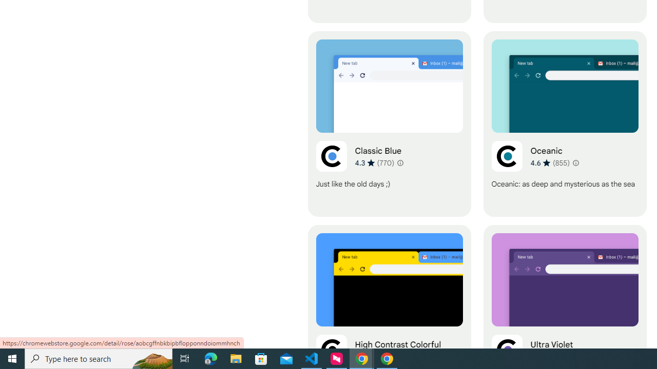  What do you see at coordinates (575, 162) in the screenshot?
I see `'Learn more about results and reviews "Oceanic"'` at bounding box center [575, 162].